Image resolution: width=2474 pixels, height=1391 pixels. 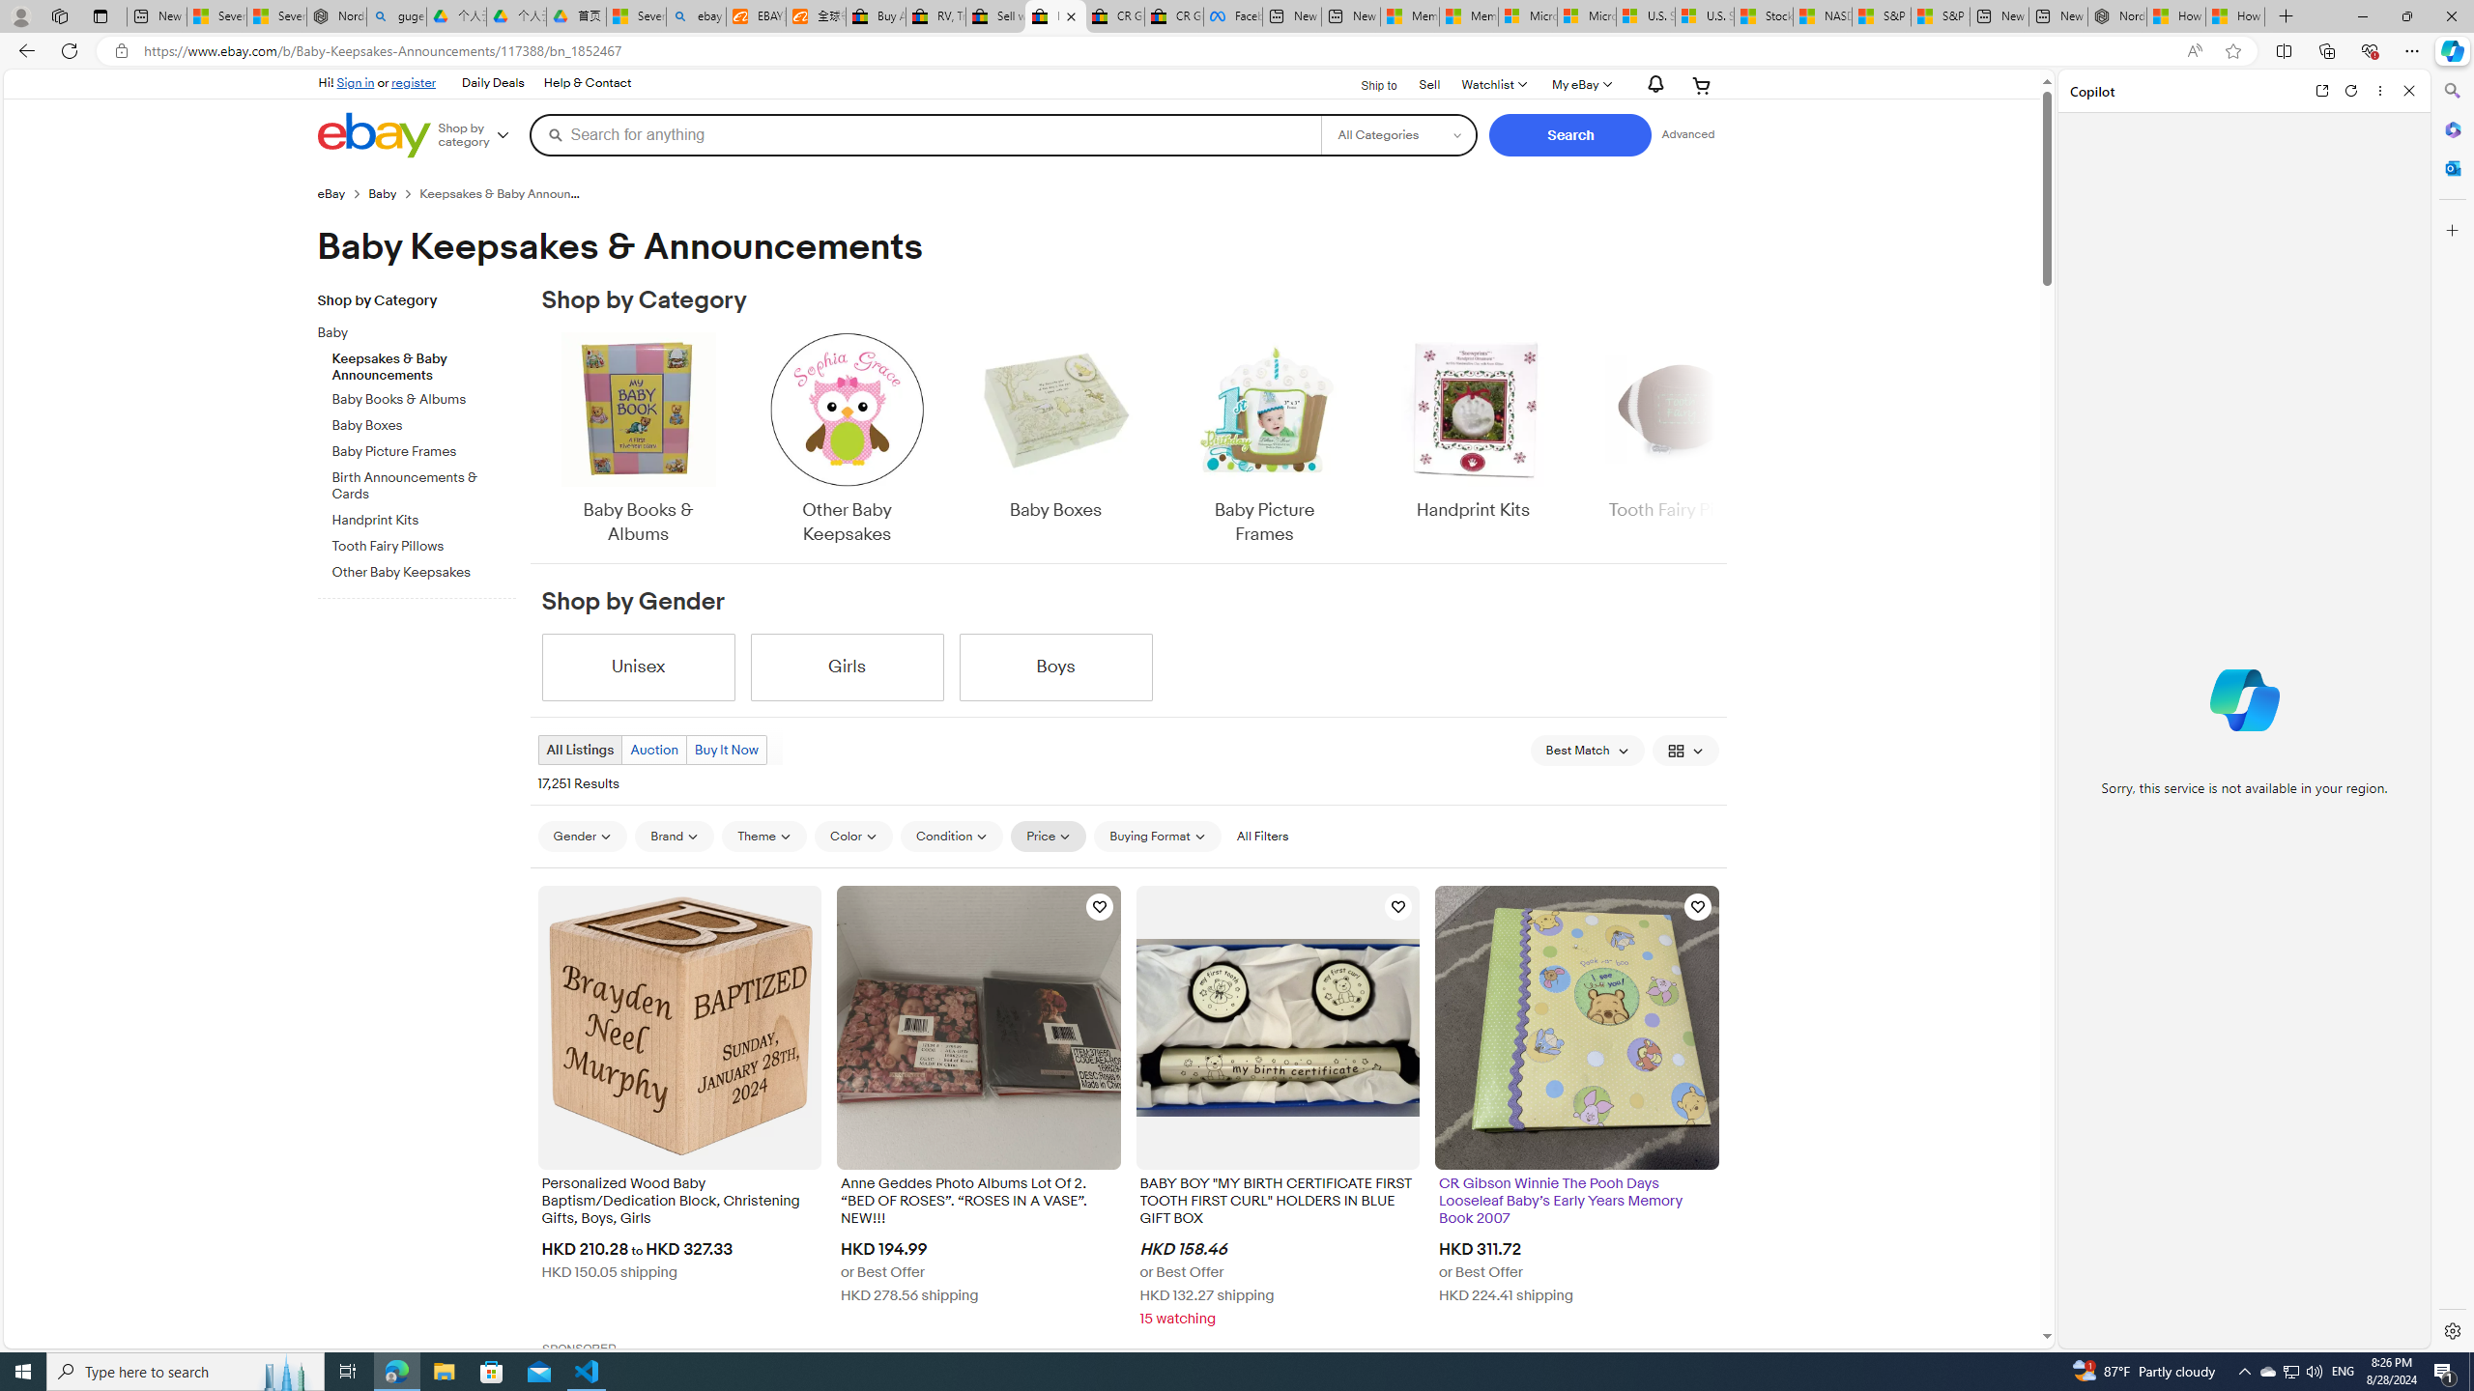 What do you see at coordinates (1232, 15) in the screenshot?
I see `'Facebook'` at bounding box center [1232, 15].